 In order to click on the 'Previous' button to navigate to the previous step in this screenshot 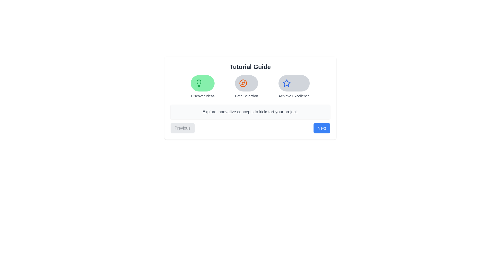, I will do `click(182, 128)`.